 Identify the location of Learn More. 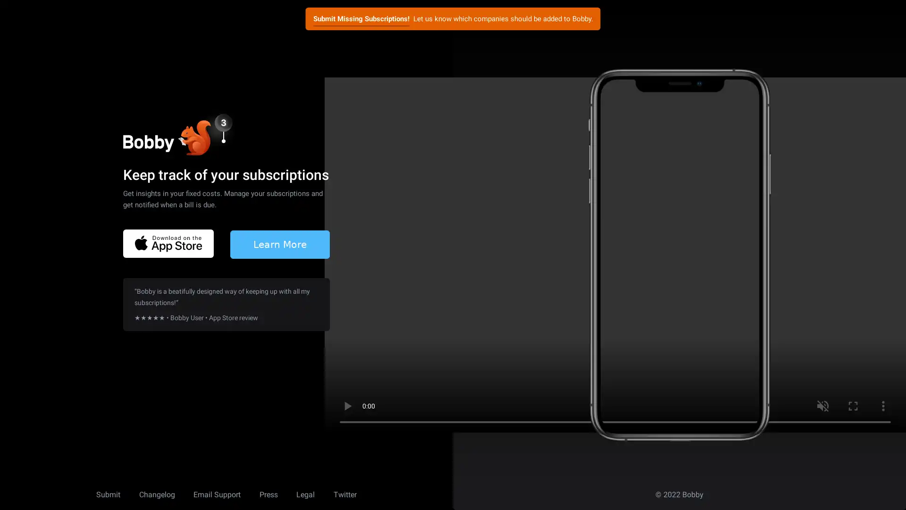
(279, 243).